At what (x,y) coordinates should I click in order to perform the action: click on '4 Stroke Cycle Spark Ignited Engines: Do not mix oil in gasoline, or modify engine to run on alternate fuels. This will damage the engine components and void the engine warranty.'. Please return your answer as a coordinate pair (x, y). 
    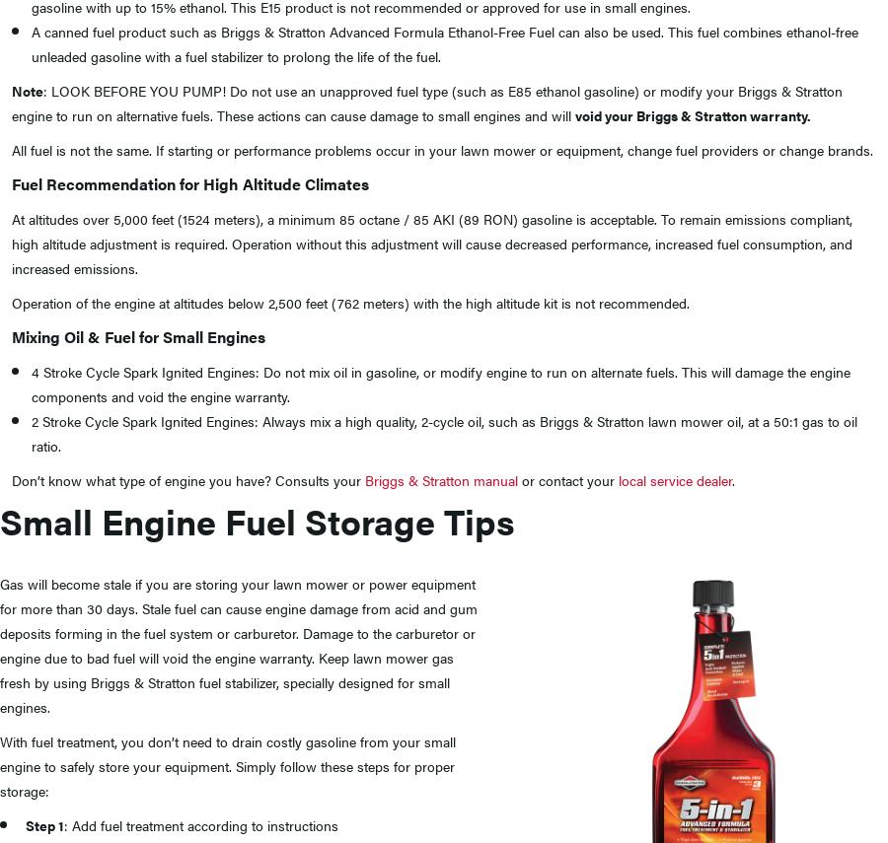
    Looking at the image, I should click on (441, 383).